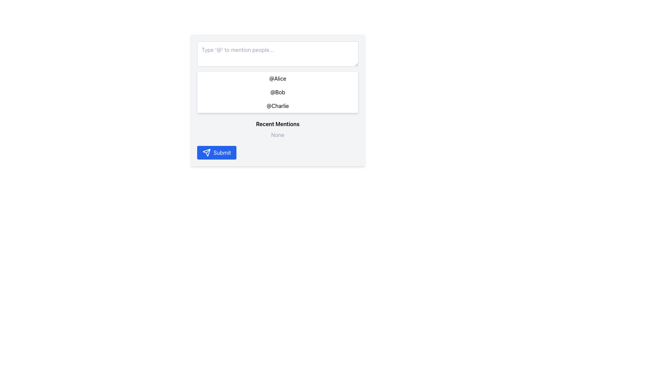  Describe the element at coordinates (277, 106) in the screenshot. I see `the Dropdown List Item for user 'Charlie' which is the third option in a vertically arranged list within the dropdown menu` at that location.